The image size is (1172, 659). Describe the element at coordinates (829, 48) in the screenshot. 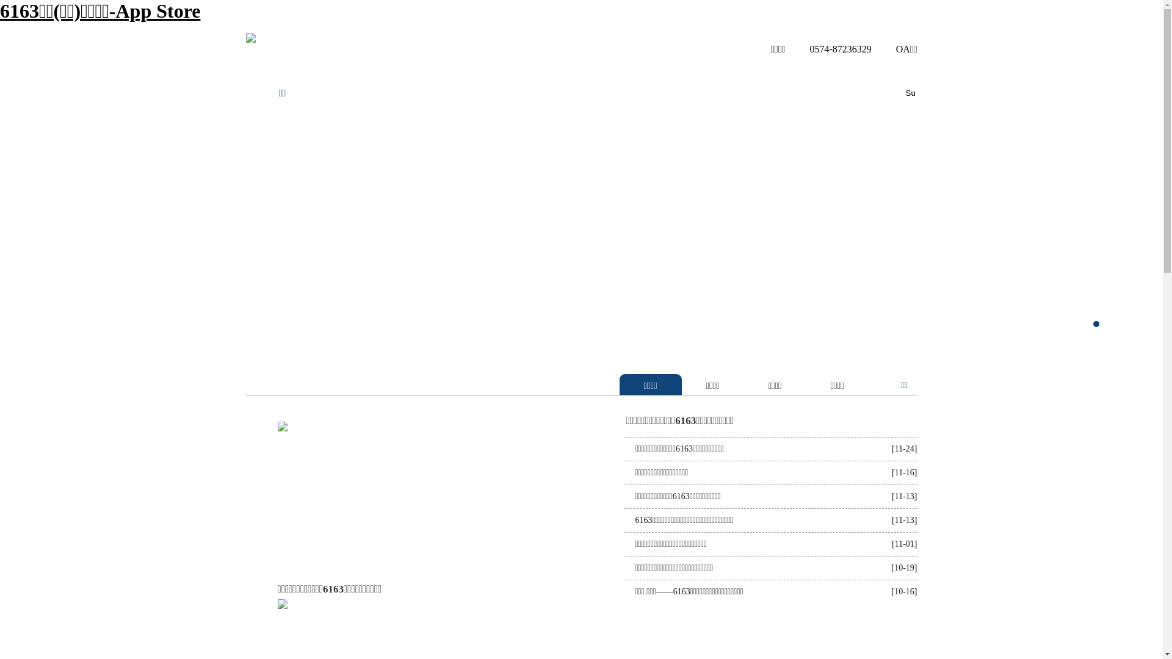

I see `'0574-87236329'` at that location.